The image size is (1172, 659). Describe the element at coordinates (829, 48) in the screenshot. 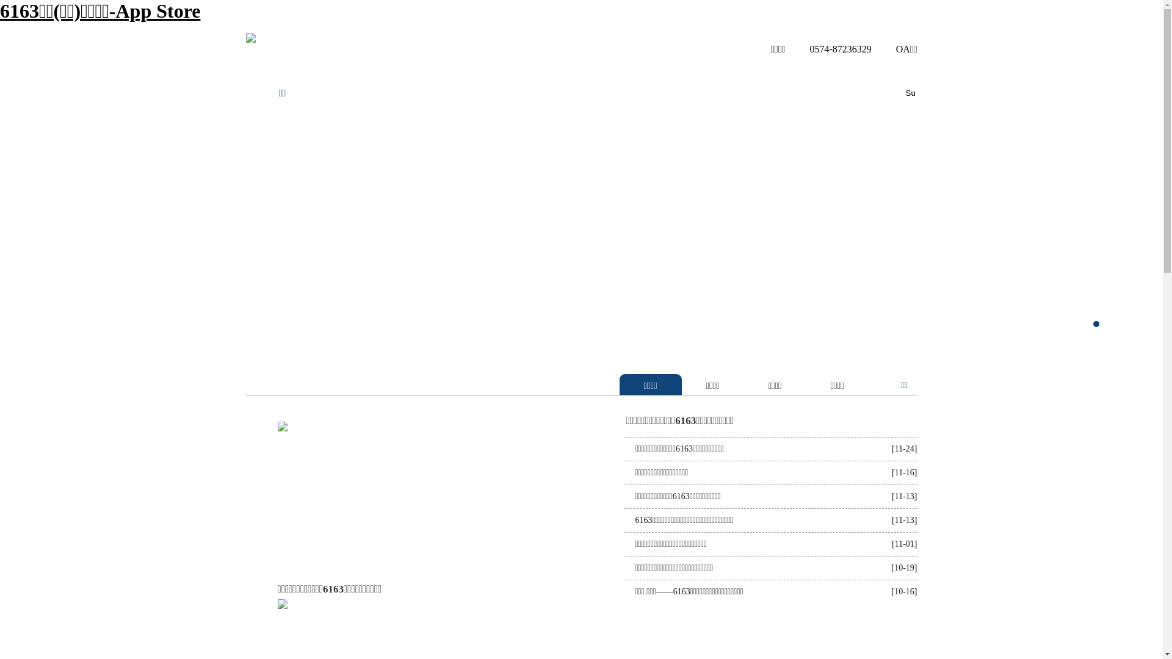

I see `'0574-87236329'` at that location.